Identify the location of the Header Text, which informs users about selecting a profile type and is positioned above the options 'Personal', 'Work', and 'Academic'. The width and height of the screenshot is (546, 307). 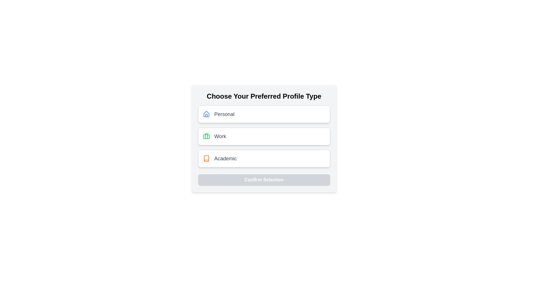
(264, 96).